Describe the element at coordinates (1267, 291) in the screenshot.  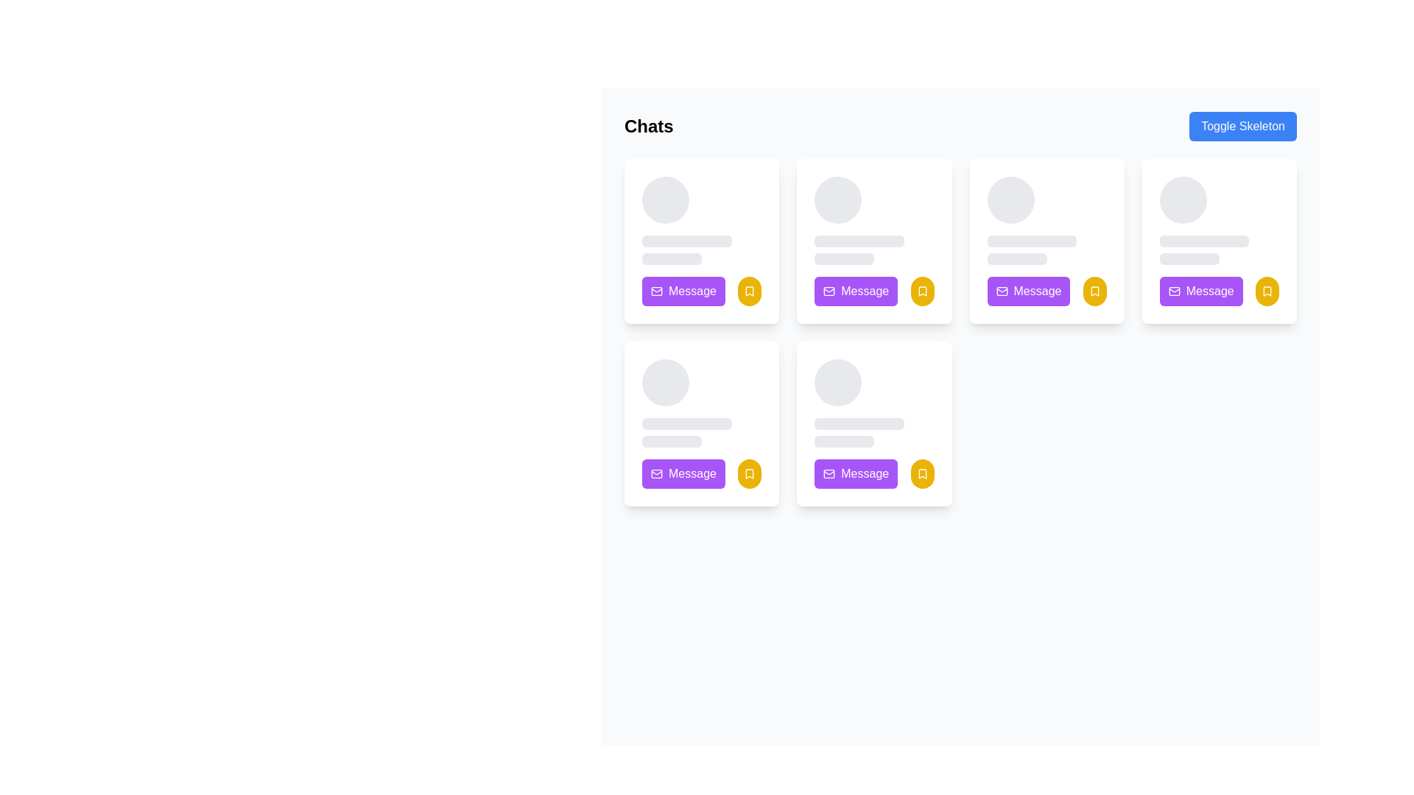
I see `the bookmark icon button with a yellow background located at the bottom-right corner of the card interface to bookmark or unbookmark the content` at that location.